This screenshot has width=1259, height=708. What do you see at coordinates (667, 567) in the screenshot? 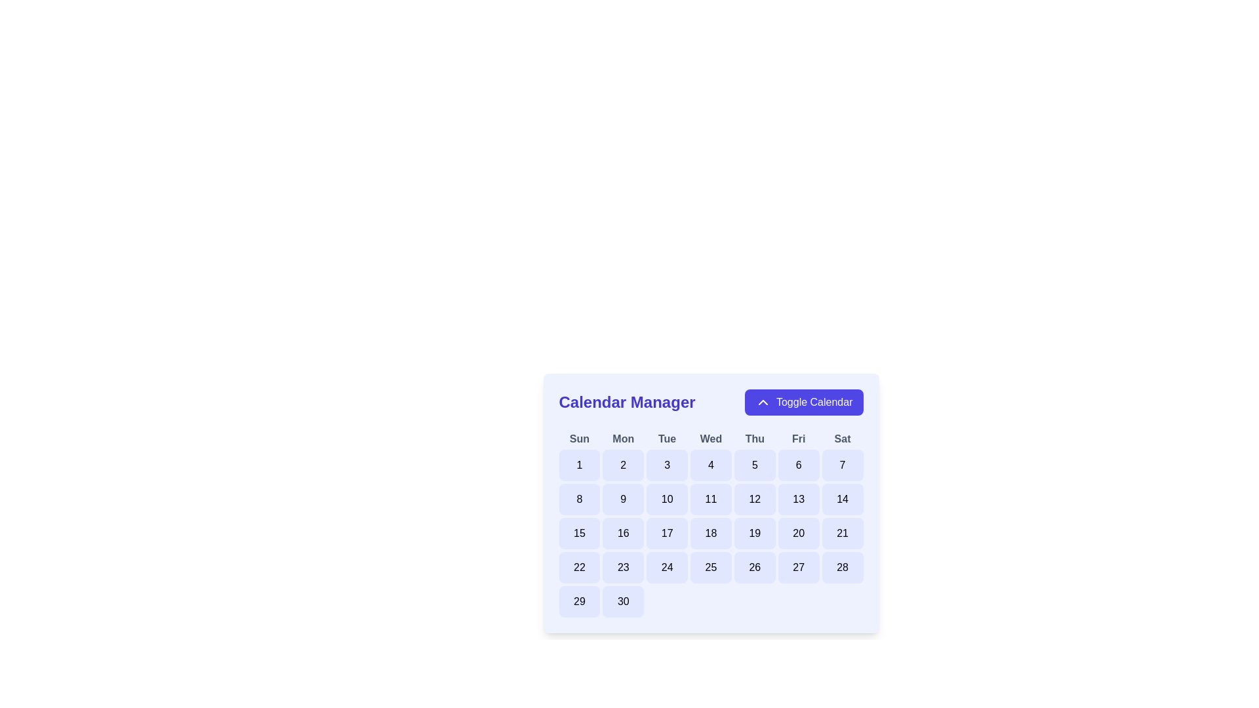
I see `the button representing the date '24' in the calendar` at bounding box center [667, 567].